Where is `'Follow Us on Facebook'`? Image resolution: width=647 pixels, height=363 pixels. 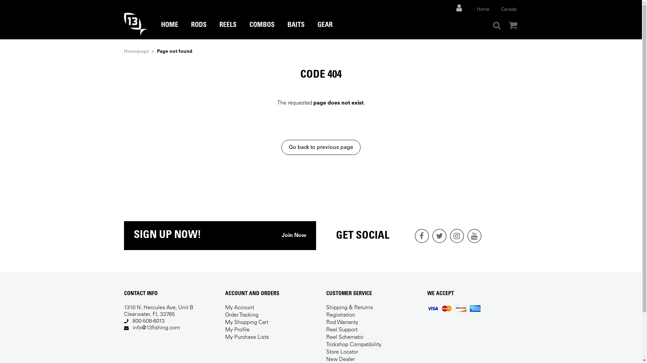
'Follow Us on Facebook' is located at coordinates (421, 236).